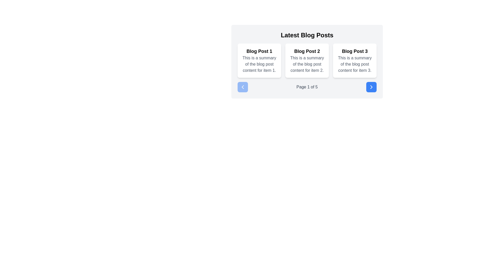 The height and width of the screenshot is (280, 498). What do you see at coordinates (355, 64) in the screenshot?
I see `the static text element that provides a summary for 'Blog Post 3', which is styled in gray and located within the card layout` at bounding box center [355, 64].